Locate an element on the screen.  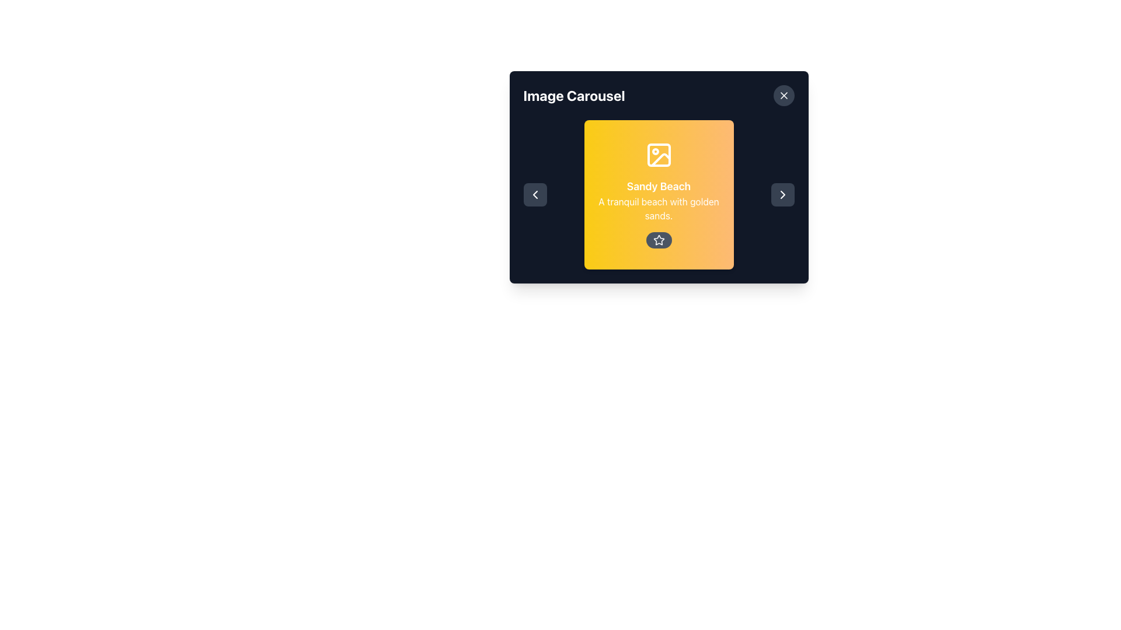
the rightmost navigation button that allows users to move to the next item in a carousel is located at coordinates (782, 194).